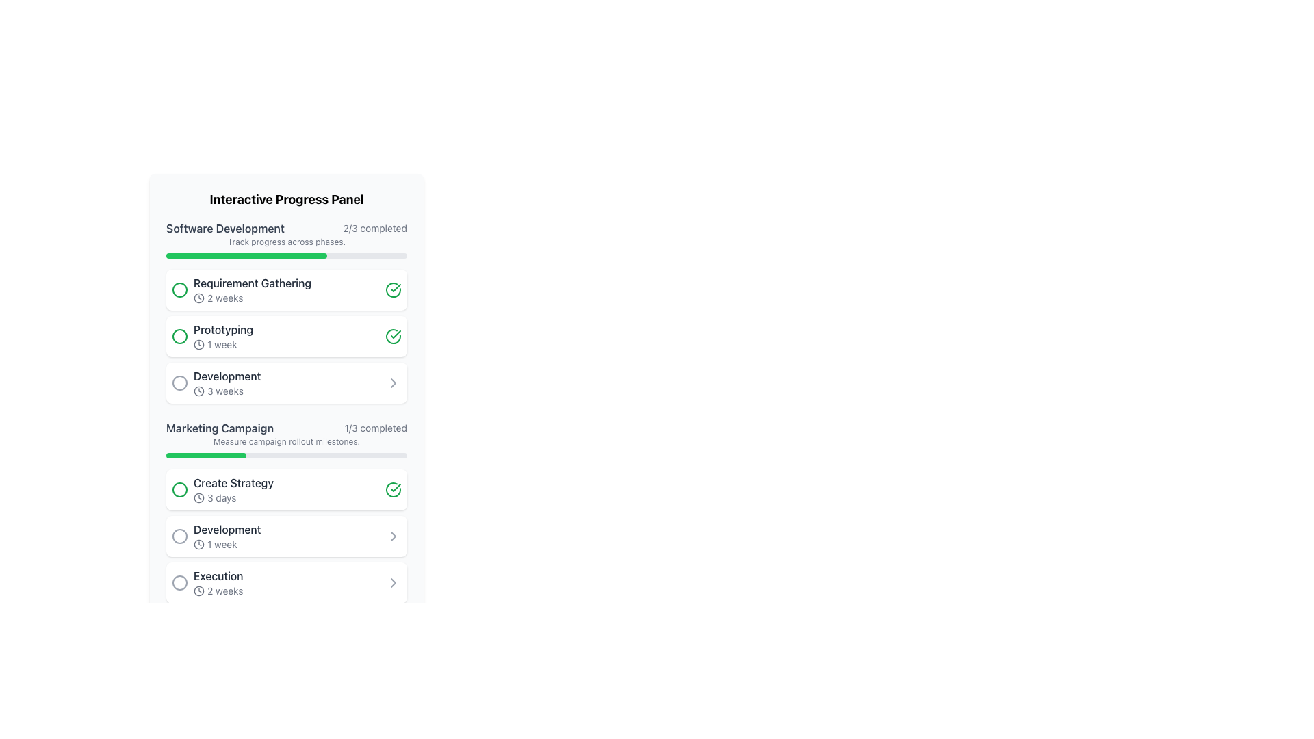 The height and width of the screenshot is (739, 1314). What do you see at coordinates (241, 289) in the screenshot?
I see `information displayed in the List item labeled 'Requirement Gathering' with a green circular icon on the left, showing '2 weeks' in gray below it` at bounding box center [241, 289].